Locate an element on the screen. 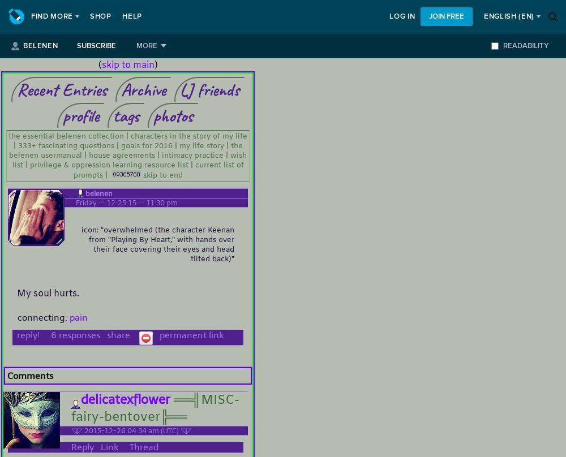 The width and height of the screenshot is (566, 457). 'house agreements' is located at coordinates (121, 156).